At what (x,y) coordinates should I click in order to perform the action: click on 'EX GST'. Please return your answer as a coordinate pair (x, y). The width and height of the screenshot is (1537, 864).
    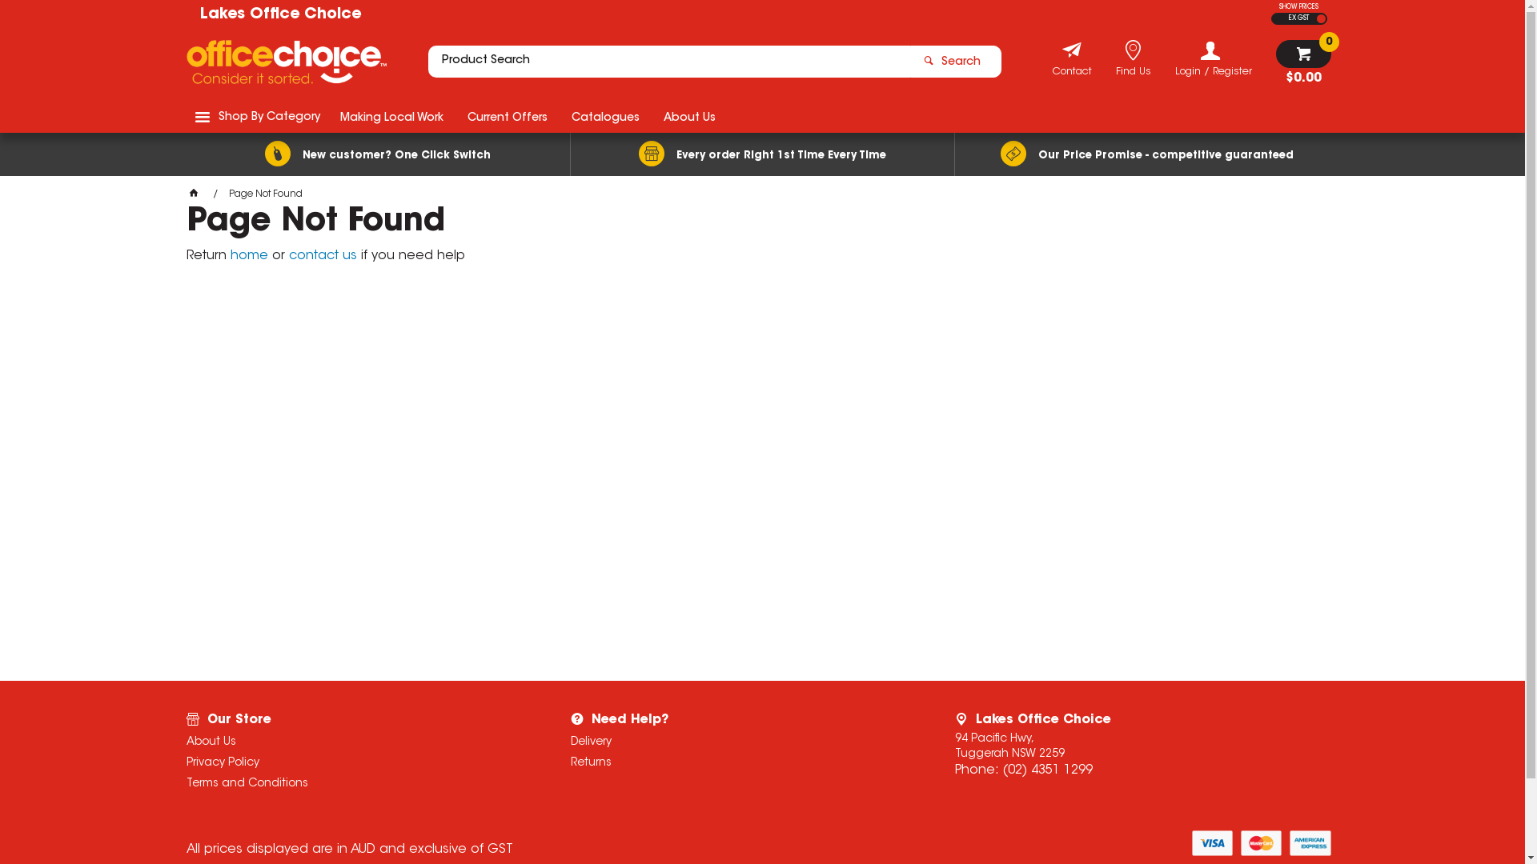
    Looking at the image, I should click on (1290, 18).